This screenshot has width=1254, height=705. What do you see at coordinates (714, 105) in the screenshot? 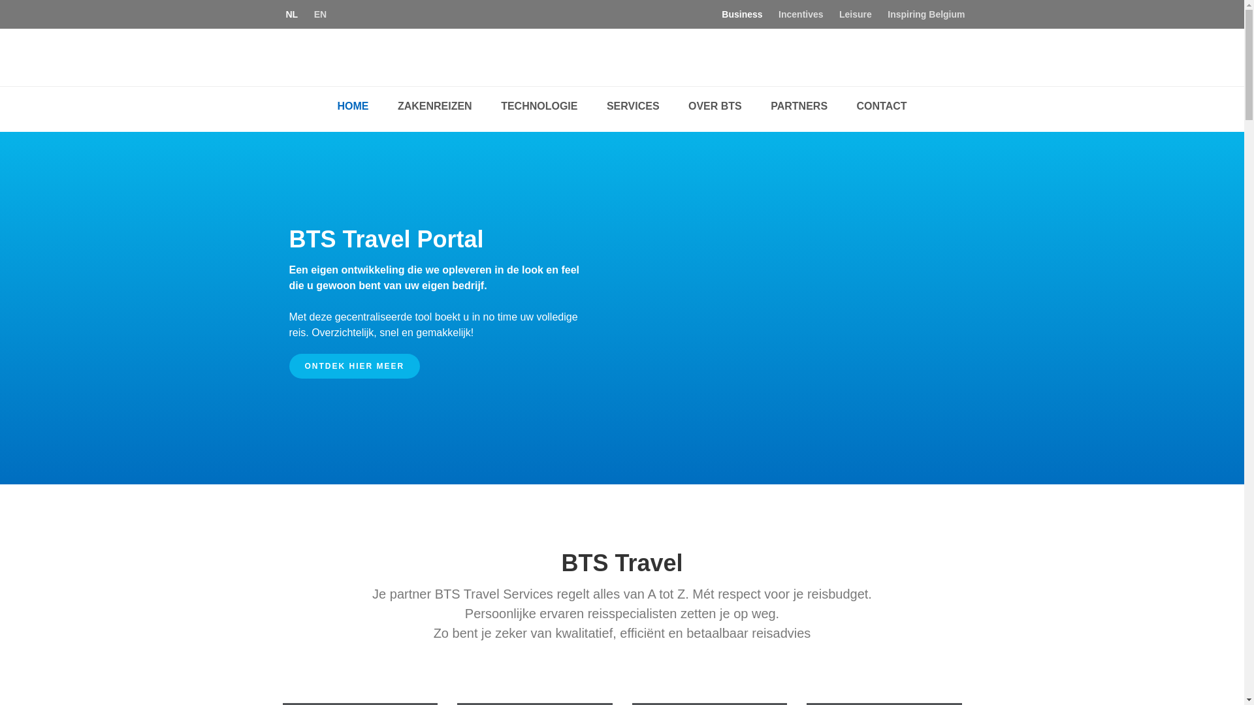
I see `'OVER BTS'` at bounding box center [714, 105].